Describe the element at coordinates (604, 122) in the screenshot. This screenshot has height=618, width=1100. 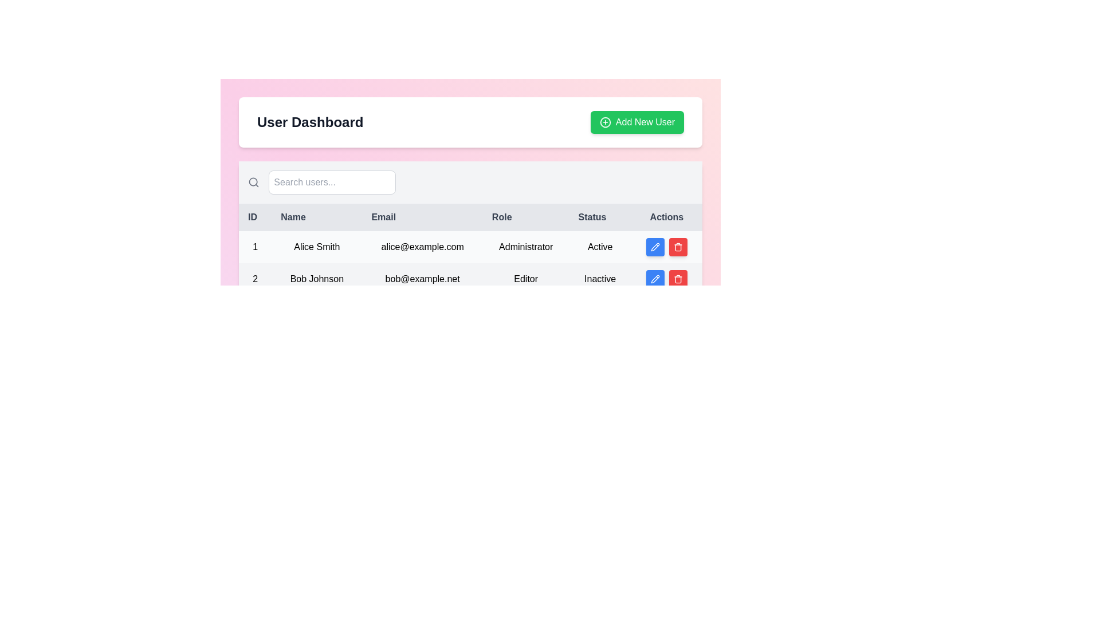
I see `the circular icon with a plus symbol inside it, which is part of the 'Add New User' button with a green background` at that location.